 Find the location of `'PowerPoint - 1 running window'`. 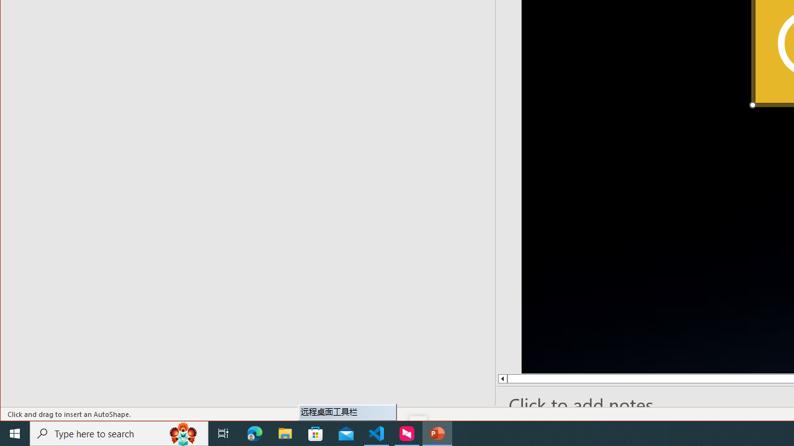

'PowerPoint - 1 running window' is located at coordinates (437, 432).